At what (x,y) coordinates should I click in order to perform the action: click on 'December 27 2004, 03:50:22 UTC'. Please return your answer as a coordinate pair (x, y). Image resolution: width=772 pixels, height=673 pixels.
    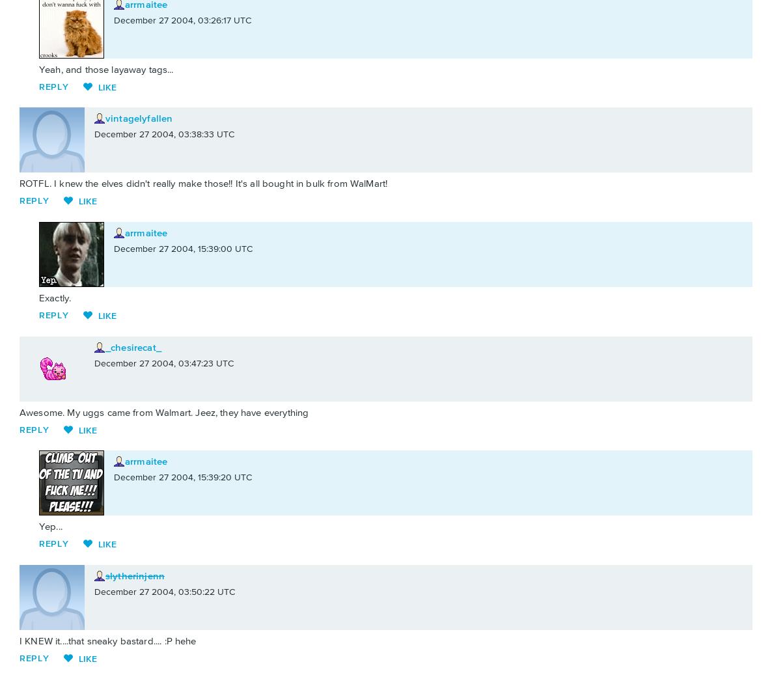
    Looking at the image, I should click on (163, 590).